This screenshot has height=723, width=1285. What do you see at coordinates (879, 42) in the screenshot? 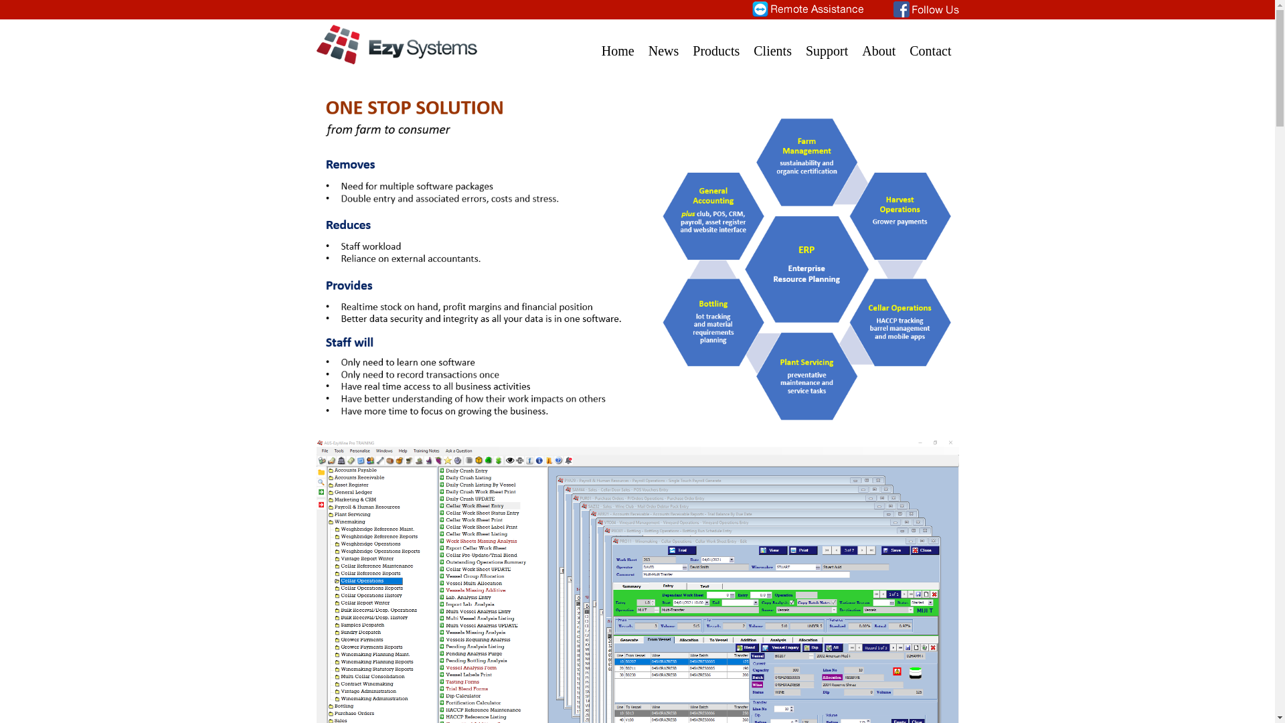
I see `'About'` at bounding box center [879, 42].